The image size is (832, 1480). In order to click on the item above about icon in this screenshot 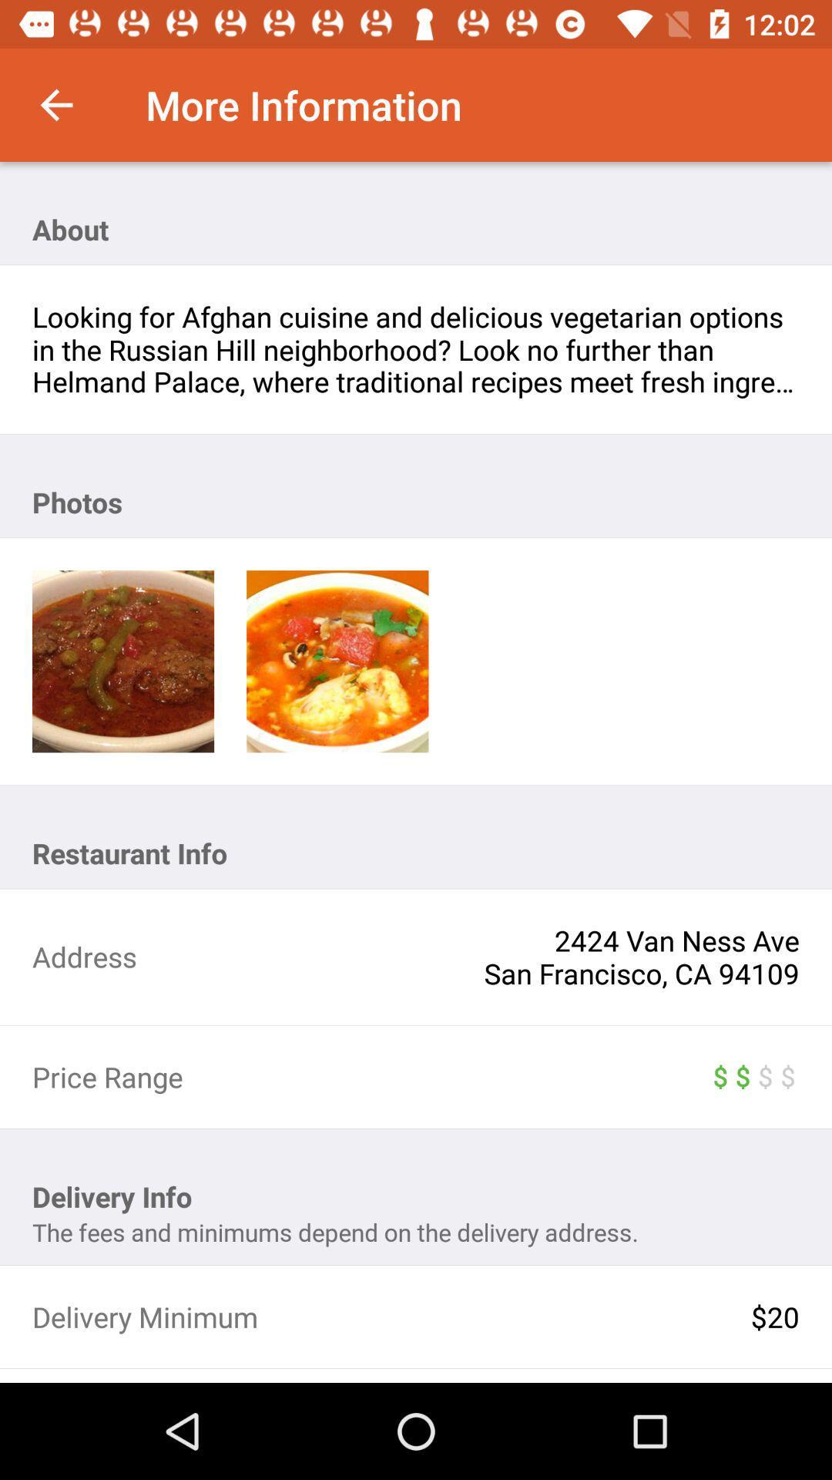, I will do `click(55, 104)`.